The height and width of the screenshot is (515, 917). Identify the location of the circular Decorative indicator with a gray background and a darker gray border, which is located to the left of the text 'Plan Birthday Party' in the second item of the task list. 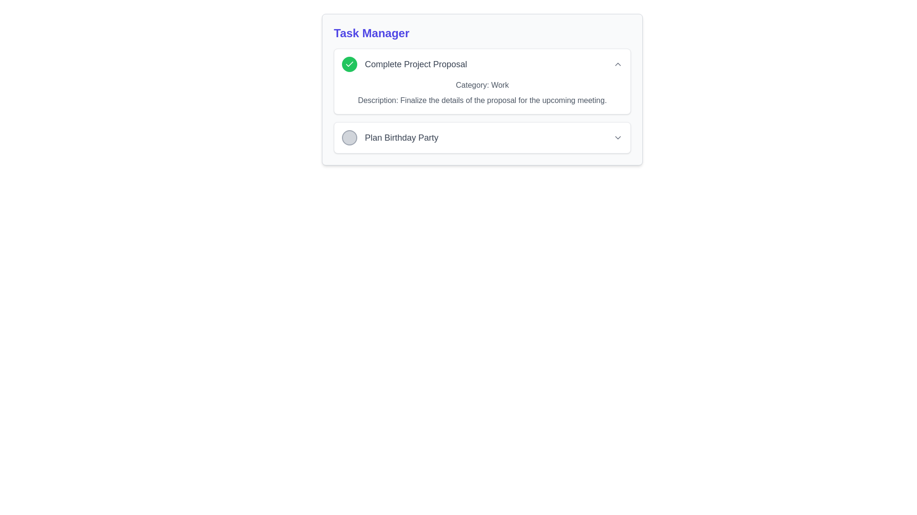
(349, 138).